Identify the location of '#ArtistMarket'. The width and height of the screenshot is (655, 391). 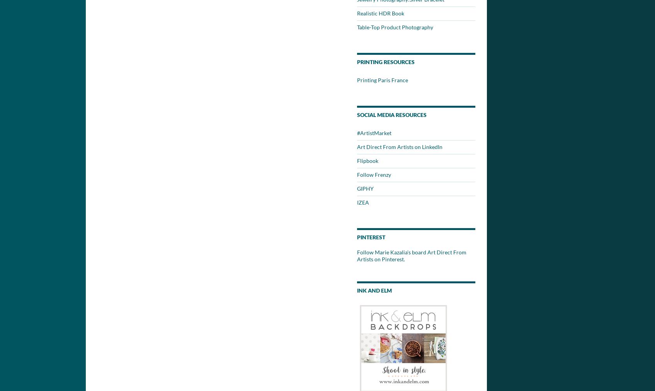
(357, 133).